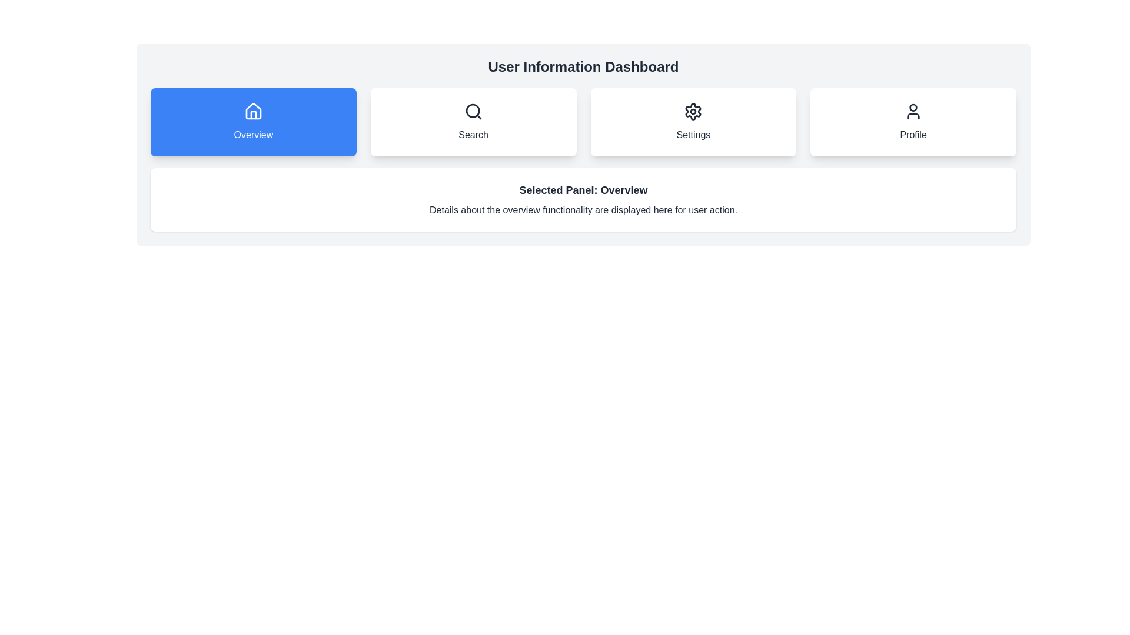 This screenshot has width=1130, height=635. I want to click on label 'Profile' located in the lower center area of the fourth button in a horizontal group of navigation buttons, which signifies the user profile section, so click(913, 135).